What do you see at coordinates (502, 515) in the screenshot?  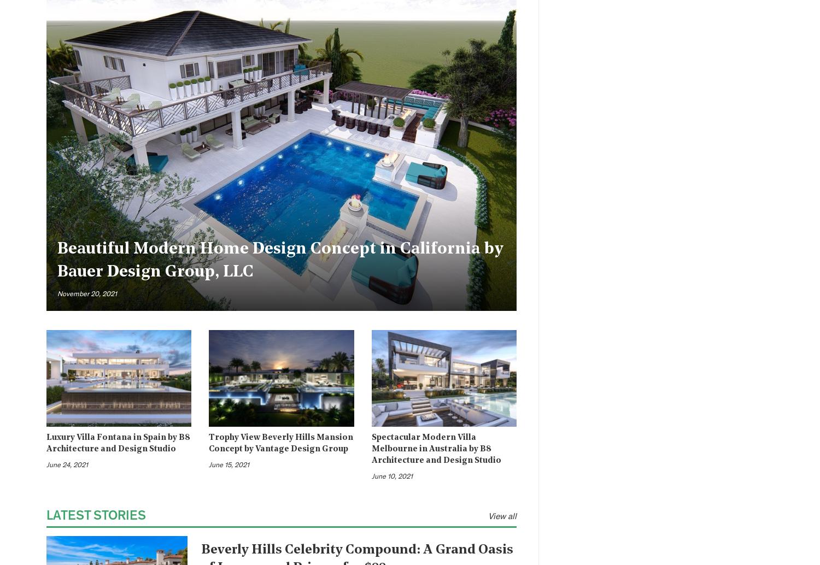 I see `'View all'` at bounding box center [502, 515].